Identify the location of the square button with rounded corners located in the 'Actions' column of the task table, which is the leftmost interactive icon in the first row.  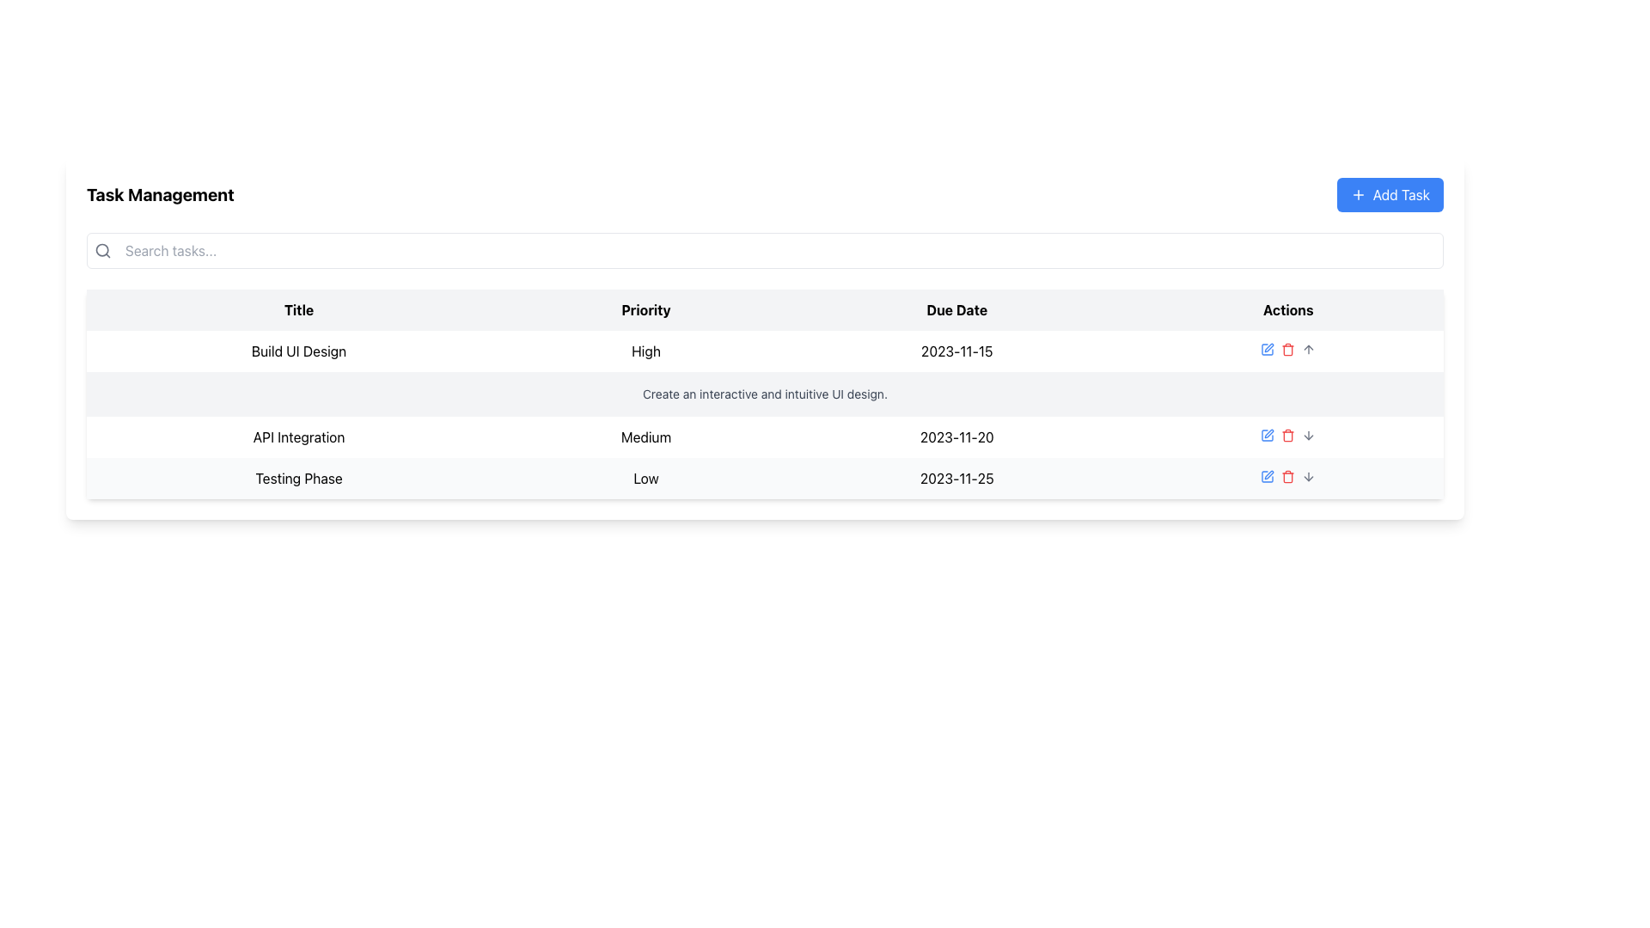
(1268, 434).